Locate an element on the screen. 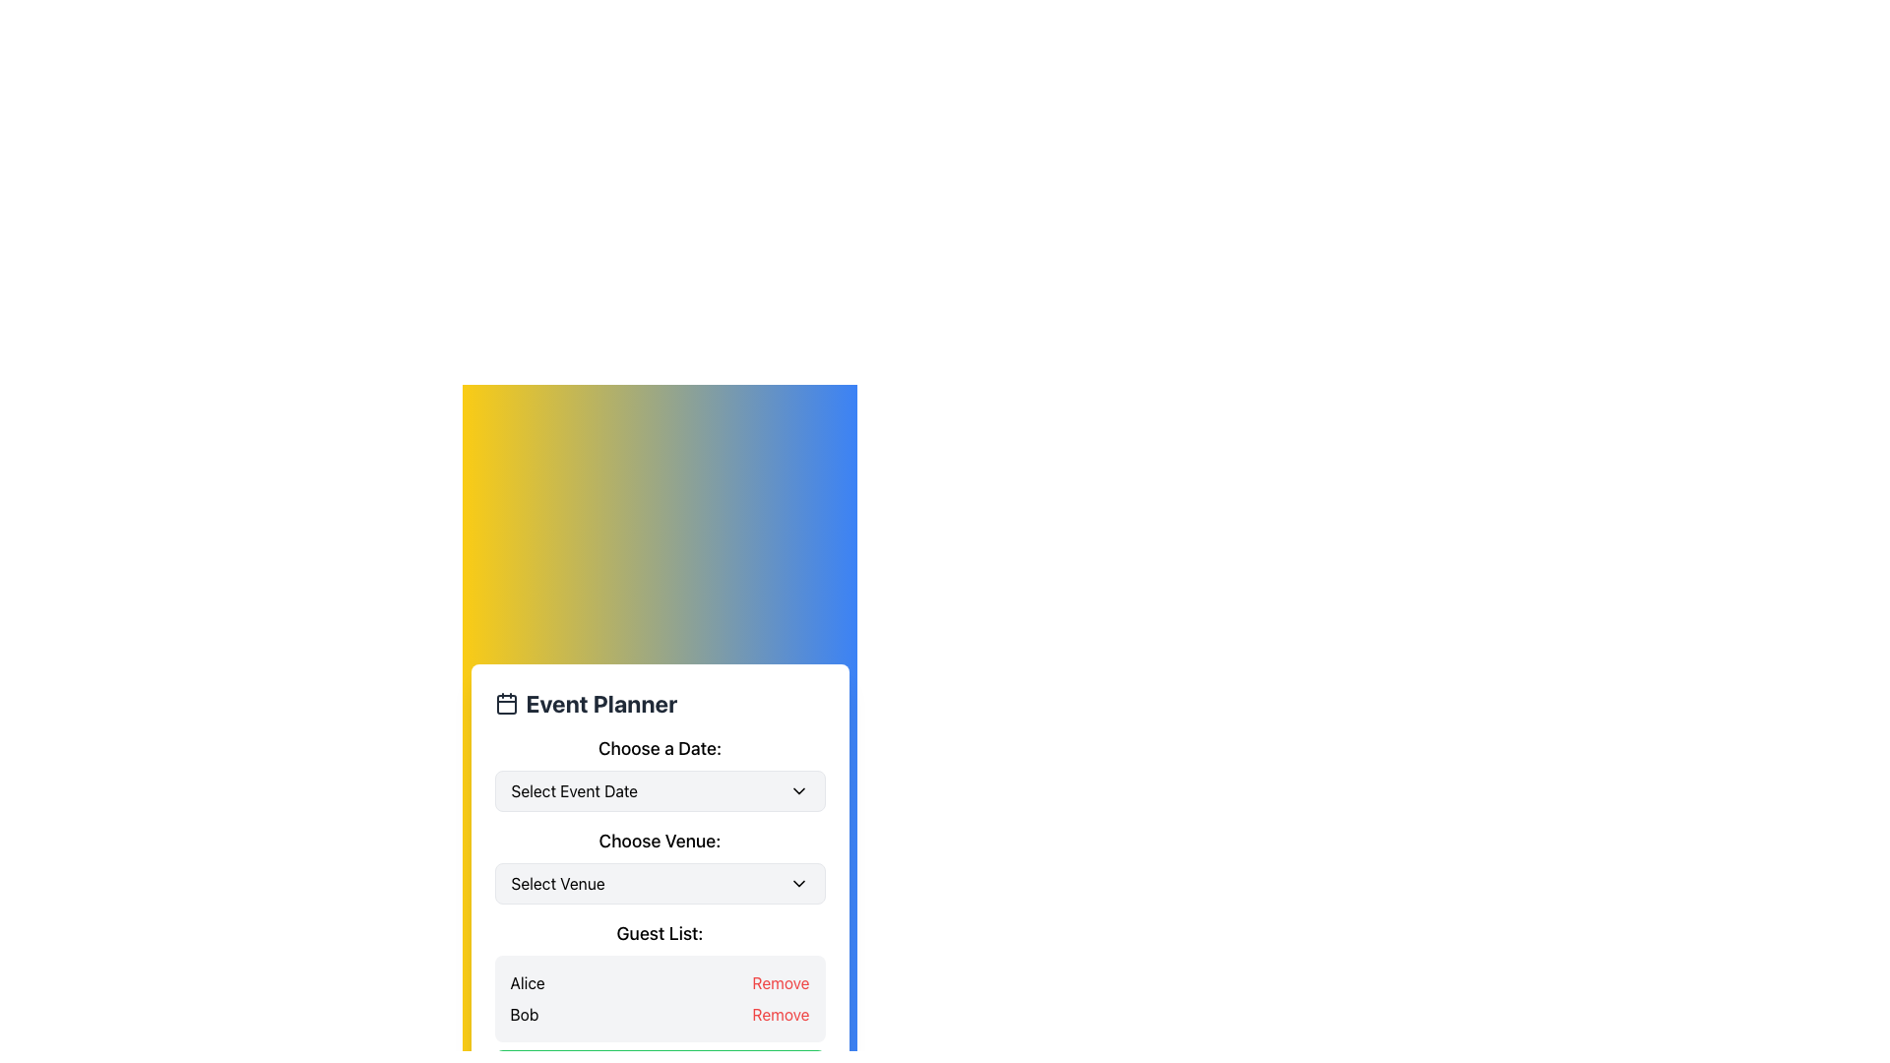 The width and height of the screenshot is (1890, 1063). the 'Remove' button of the Composite element containing the static text 'Bob' and the interactive button styled in red, located in the 'Guest List' section is located at coordinates (660, 1014).